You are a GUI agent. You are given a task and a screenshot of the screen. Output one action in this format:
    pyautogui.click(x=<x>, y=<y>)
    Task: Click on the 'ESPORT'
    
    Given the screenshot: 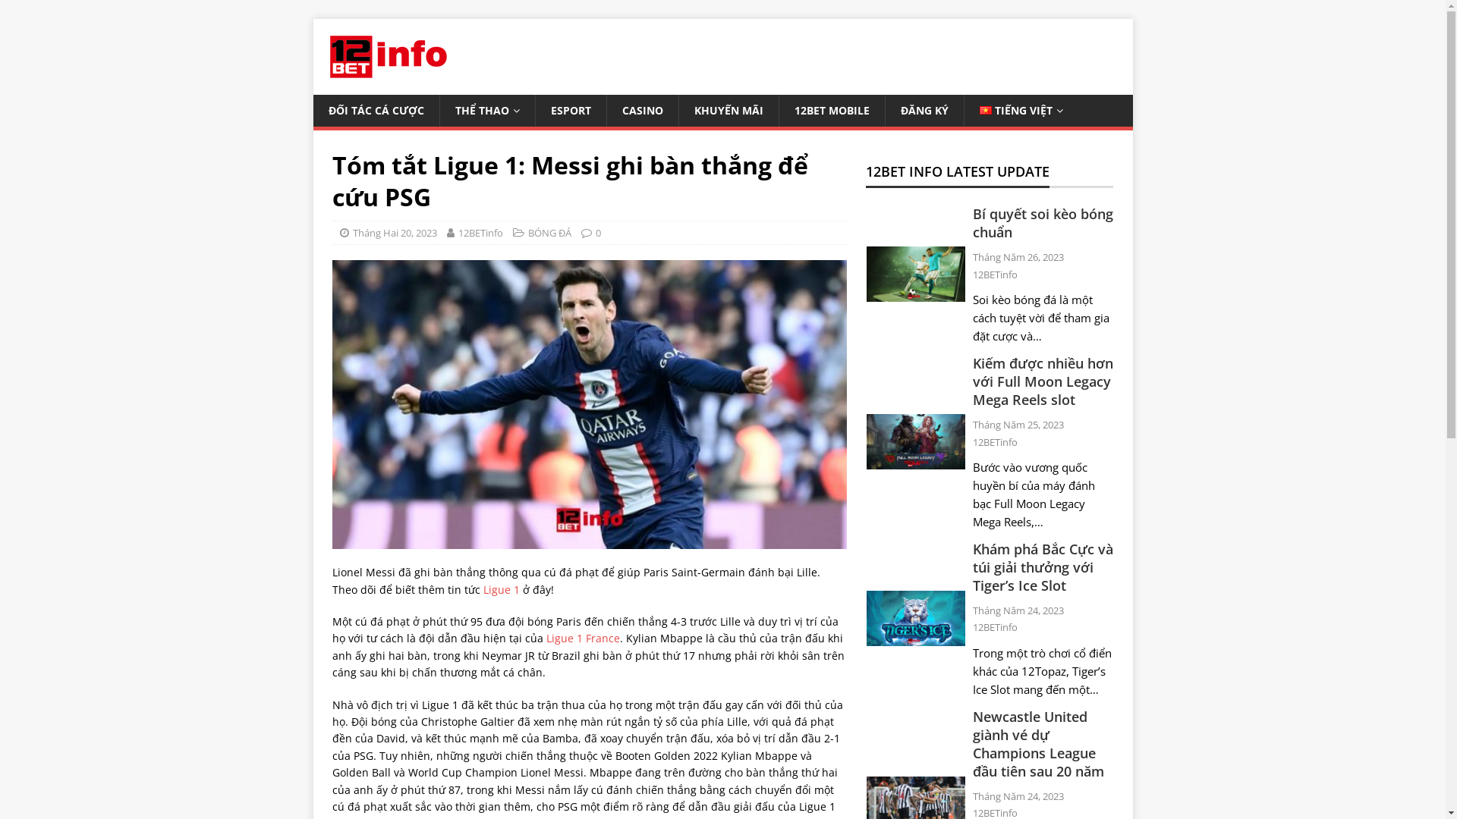 What is the action you would take?
    pyautogui.click(x=568, y=110)
    